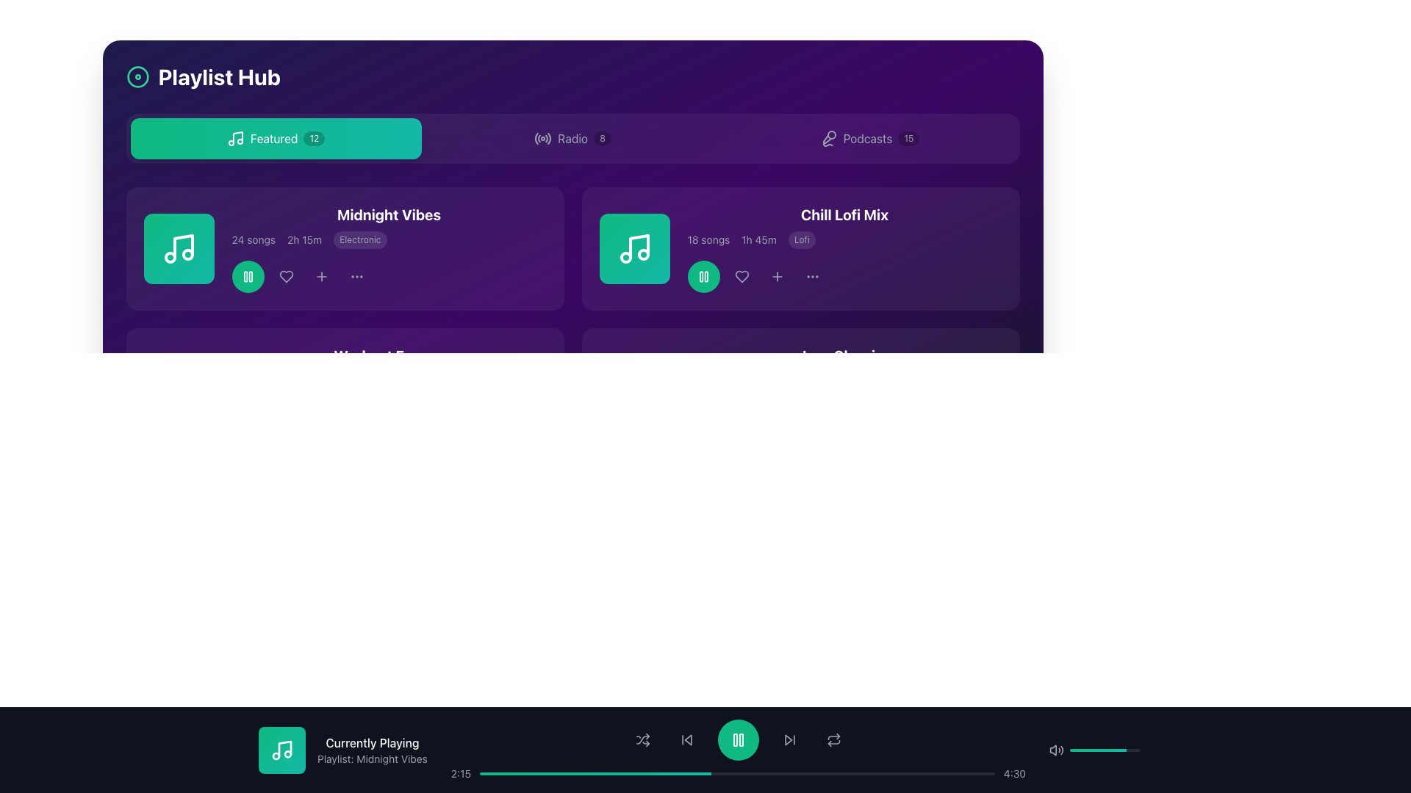  Describe the element at coordinates (734, 739) in the screenshot. I see `the left vertical bar of the green pause button icon located centrally in the bottom playback control section to interact with it` at that location.